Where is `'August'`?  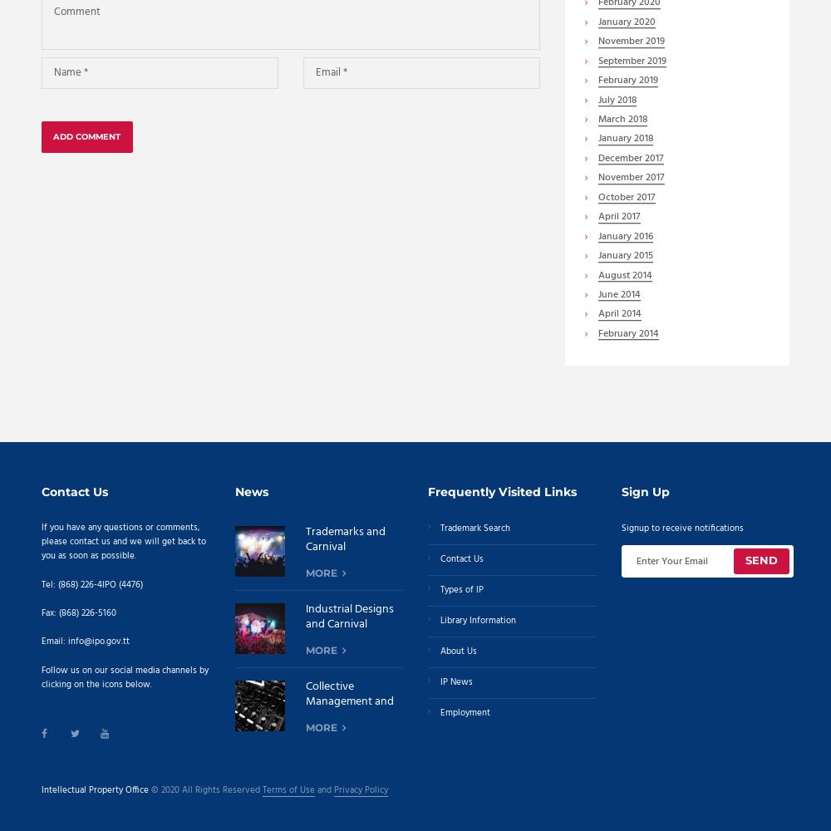 'August' is located at coordinates (597, 274).